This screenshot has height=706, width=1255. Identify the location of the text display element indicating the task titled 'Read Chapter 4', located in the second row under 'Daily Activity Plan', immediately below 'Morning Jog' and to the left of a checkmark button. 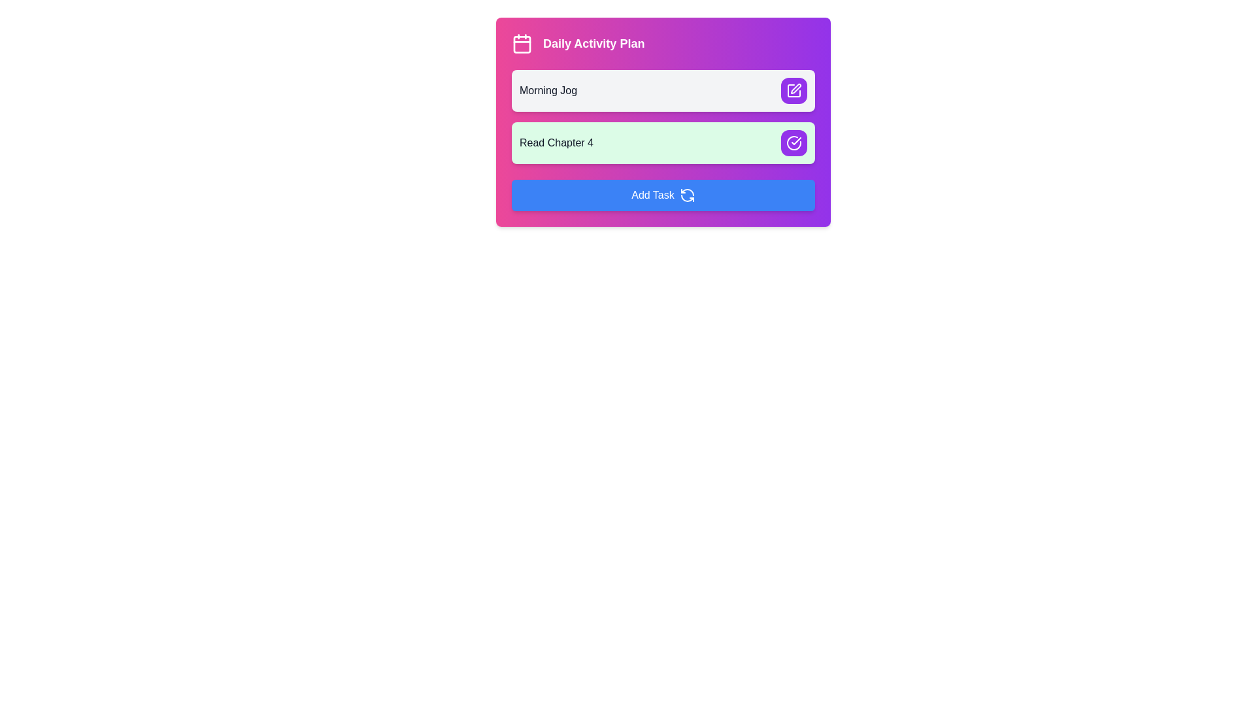
(556, 143).